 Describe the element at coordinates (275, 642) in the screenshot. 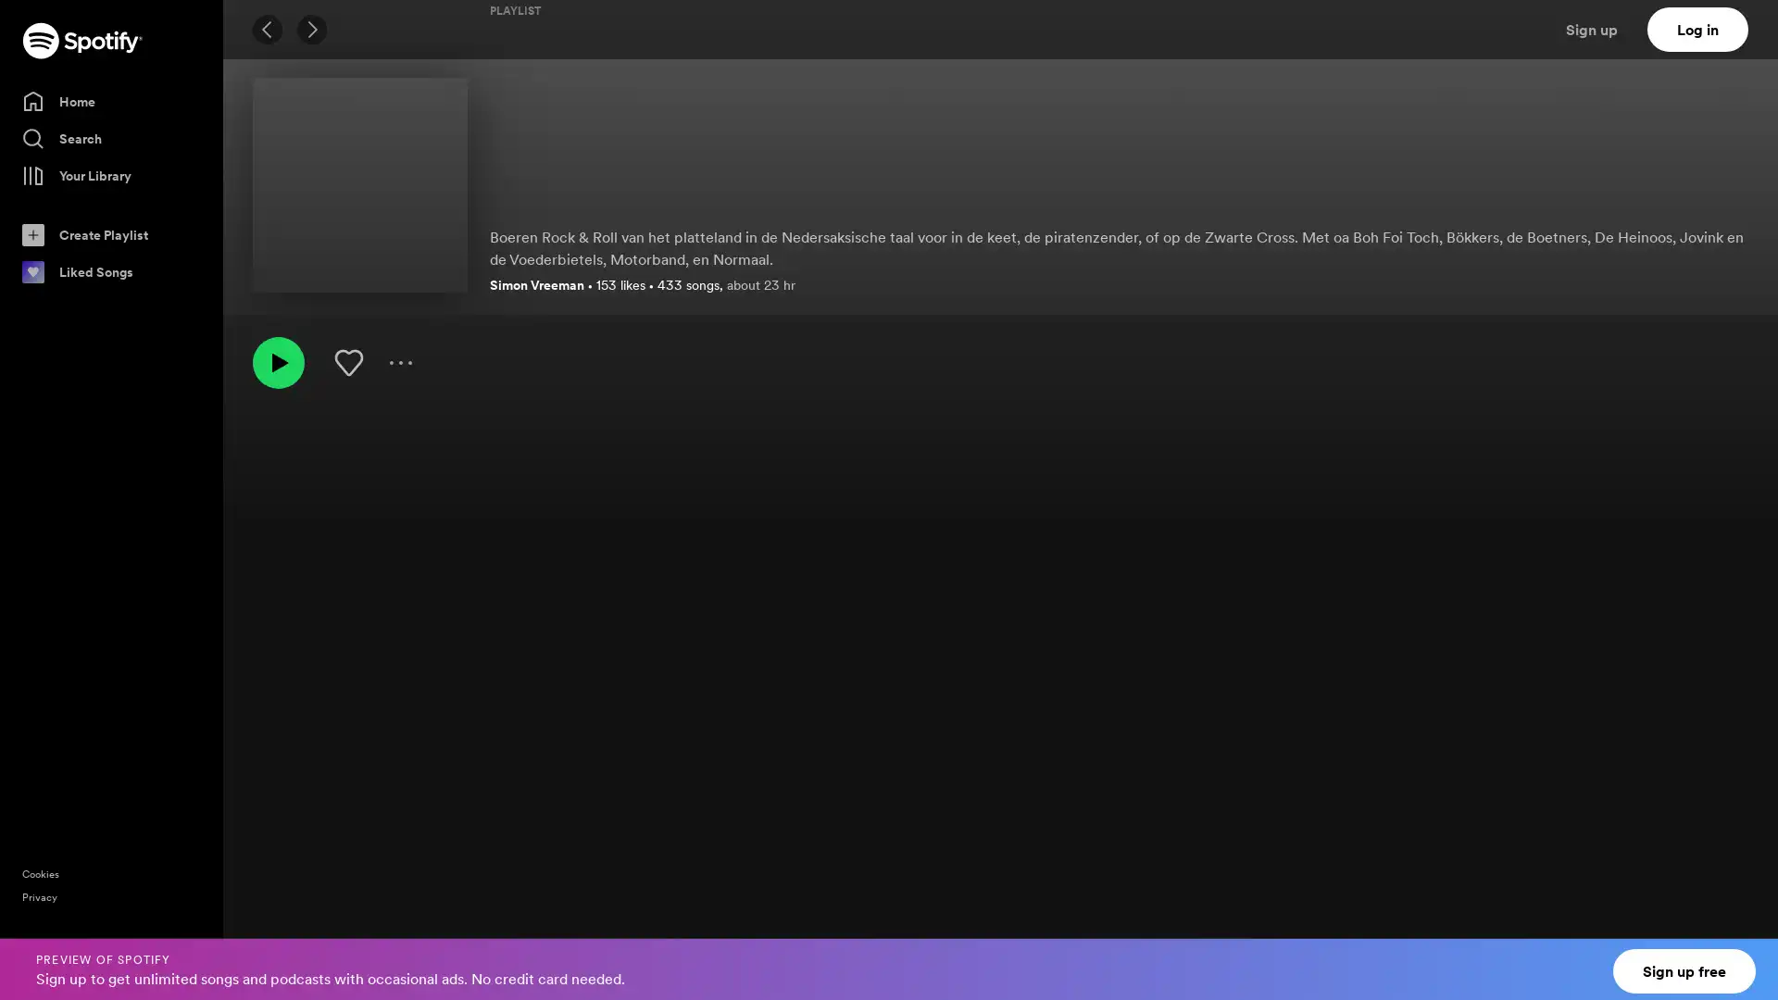

I see `Play Los by Band Hik Hummelo` at that location.